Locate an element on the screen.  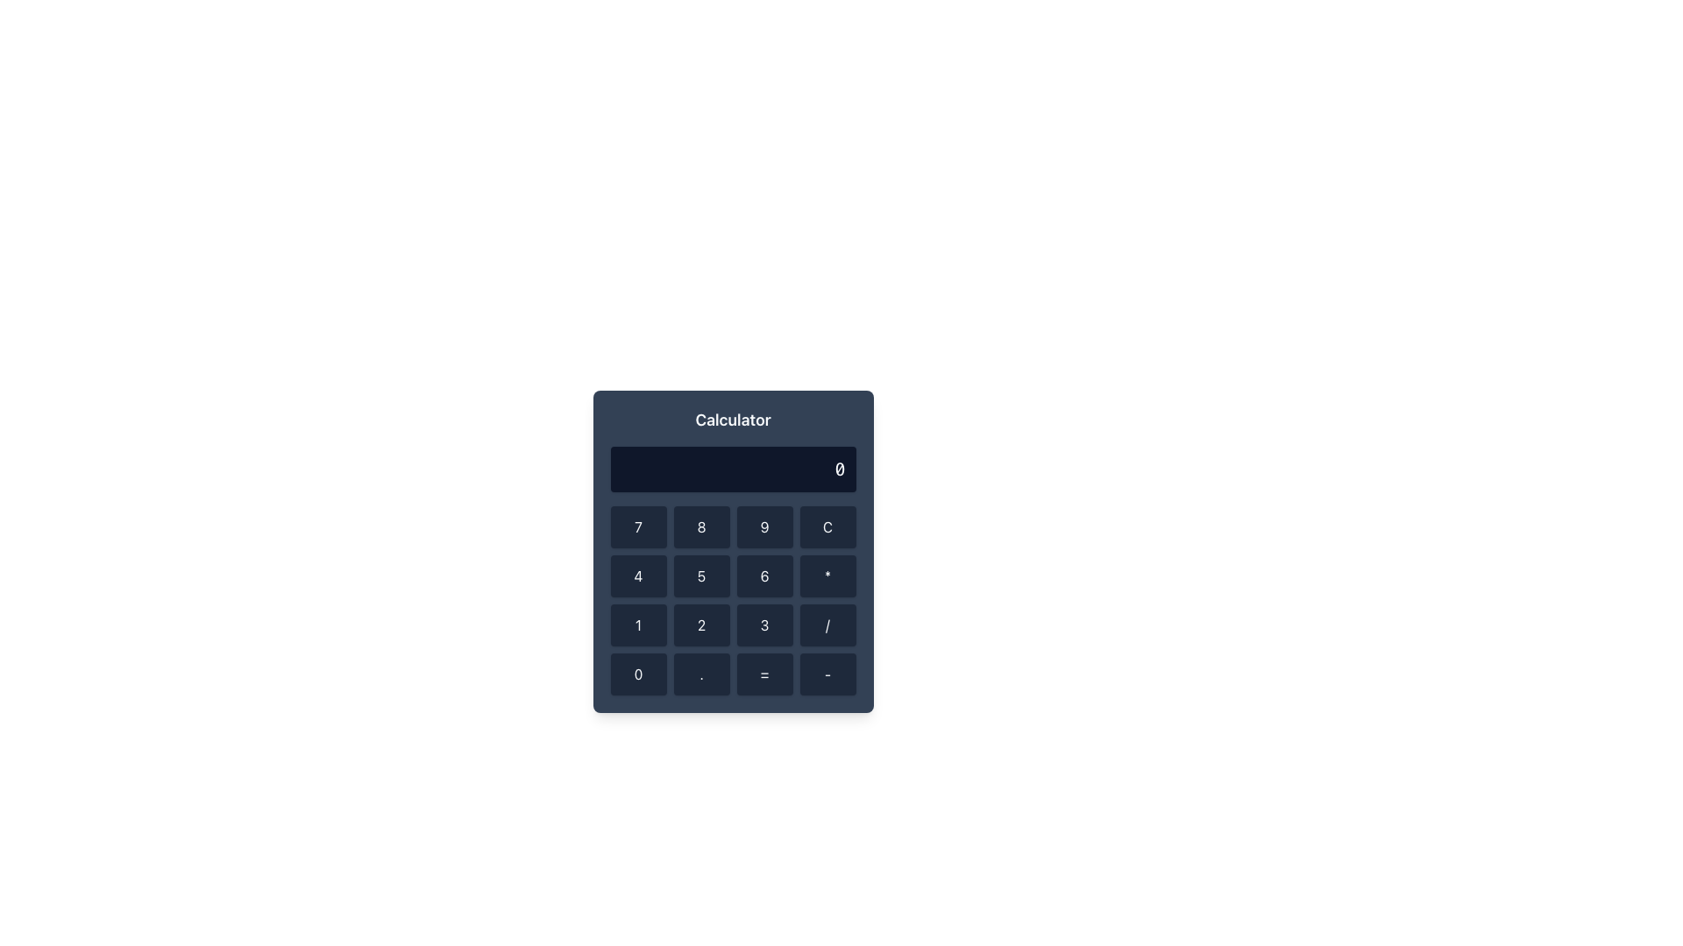
the calculator key button for number '8' to input '8' into the calculator's display is located at coordinates (701, 526).